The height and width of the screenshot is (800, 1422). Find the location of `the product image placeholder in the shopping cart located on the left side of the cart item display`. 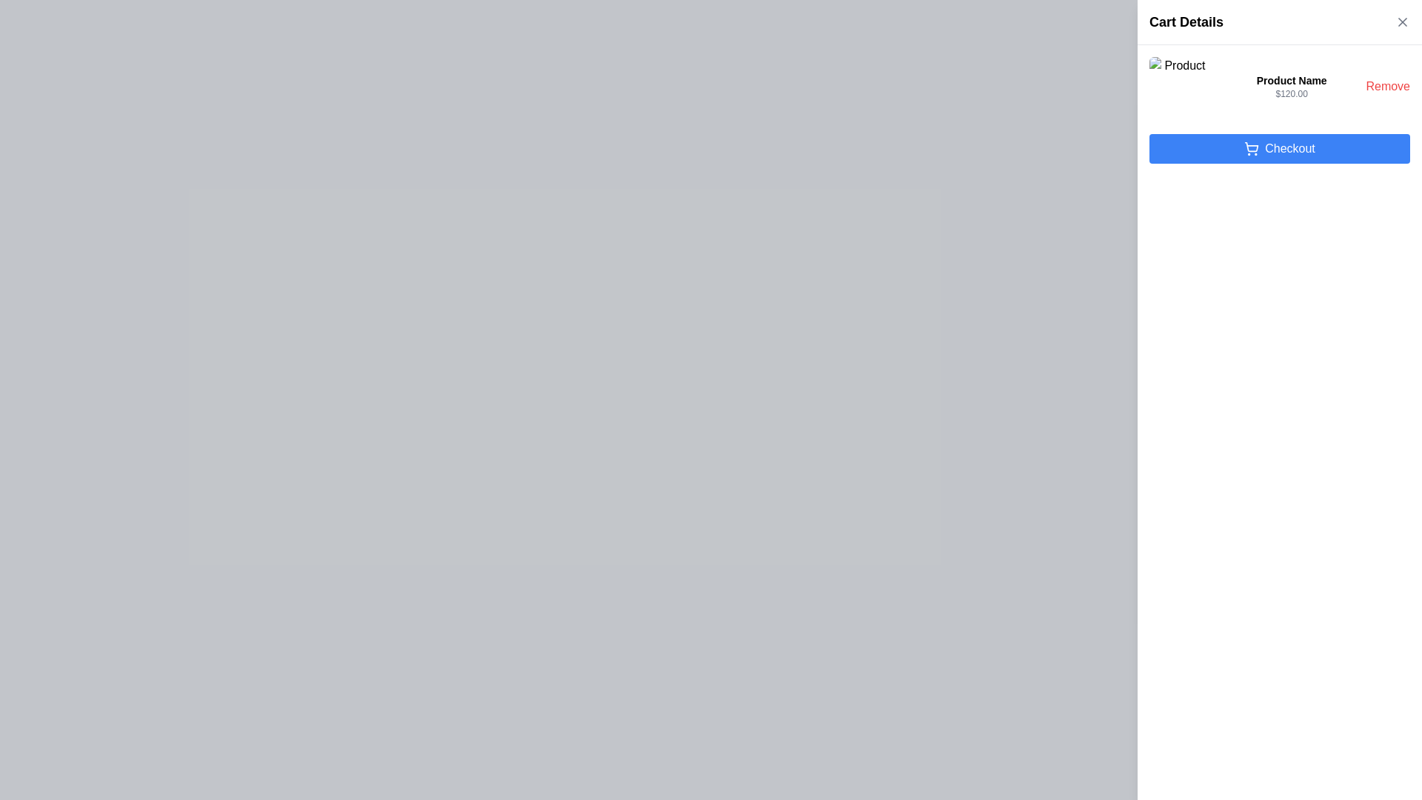

the product image placeholder in the shopping cart located on the left side of the cart item display is located at coordinates (1178, 86).